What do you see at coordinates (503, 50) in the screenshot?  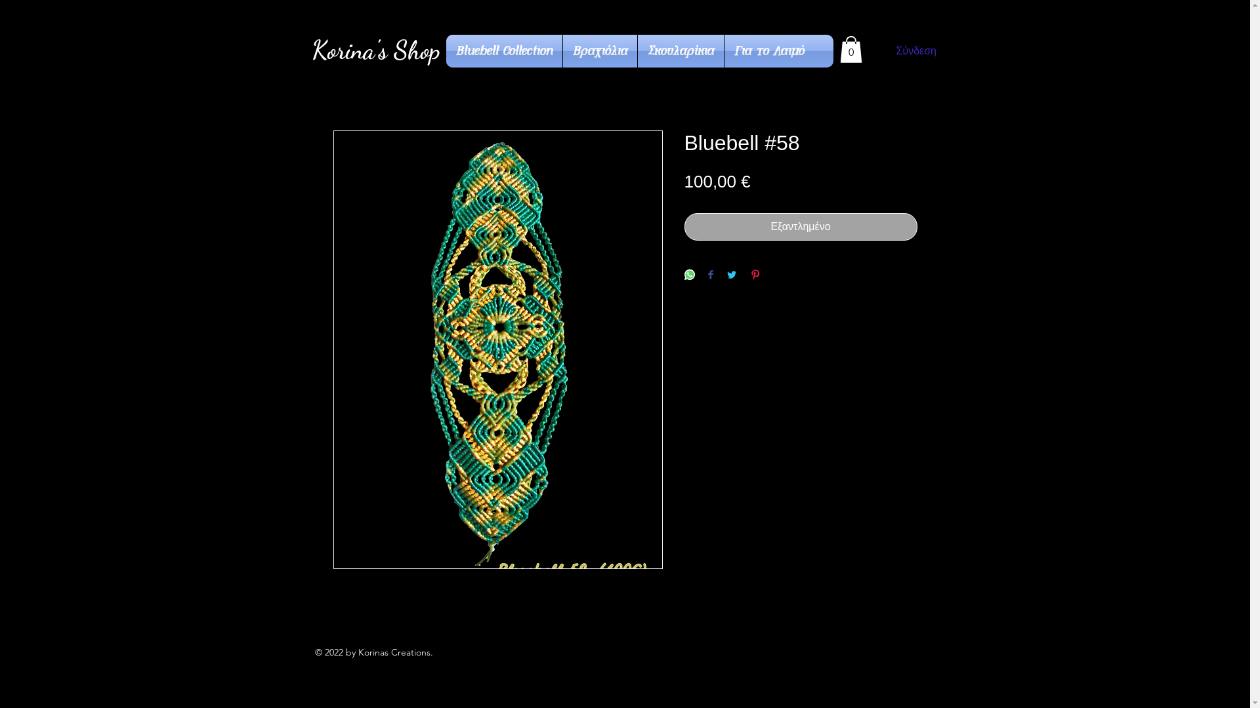 I see `'Bluebell Collection'` at bounding box center [503, 50].